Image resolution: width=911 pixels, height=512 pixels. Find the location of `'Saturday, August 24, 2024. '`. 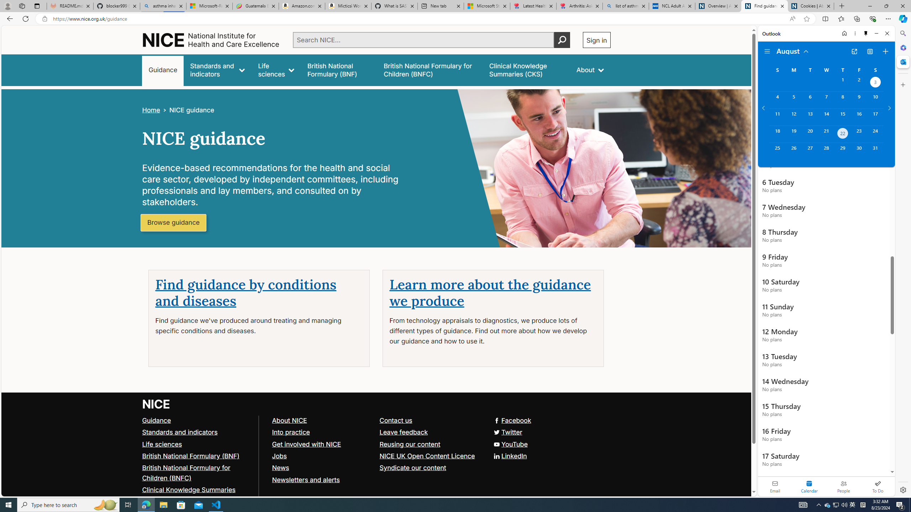

'Saturday, August 24, 2024. ' is located at coordinates (875, 134).